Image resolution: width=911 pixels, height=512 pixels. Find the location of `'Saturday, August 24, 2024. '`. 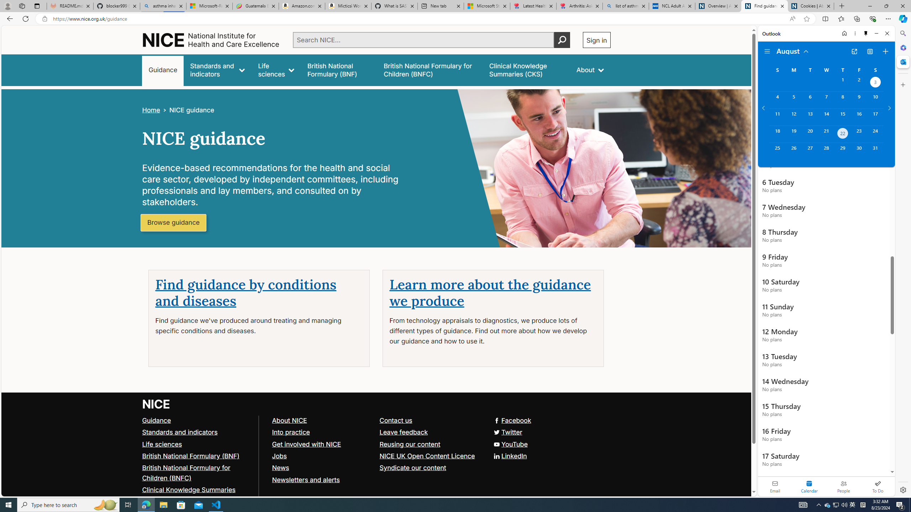

'Saturday, August 24, 2024. ' is located at coordinates (875, 134).